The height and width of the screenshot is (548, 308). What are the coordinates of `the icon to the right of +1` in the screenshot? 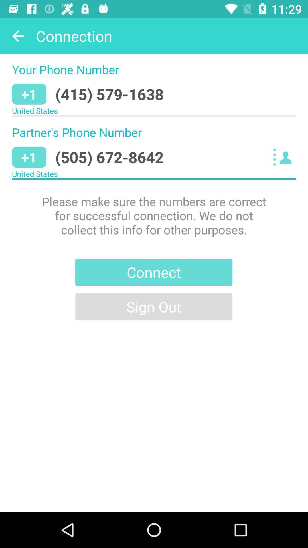 It's located at (110, 94).